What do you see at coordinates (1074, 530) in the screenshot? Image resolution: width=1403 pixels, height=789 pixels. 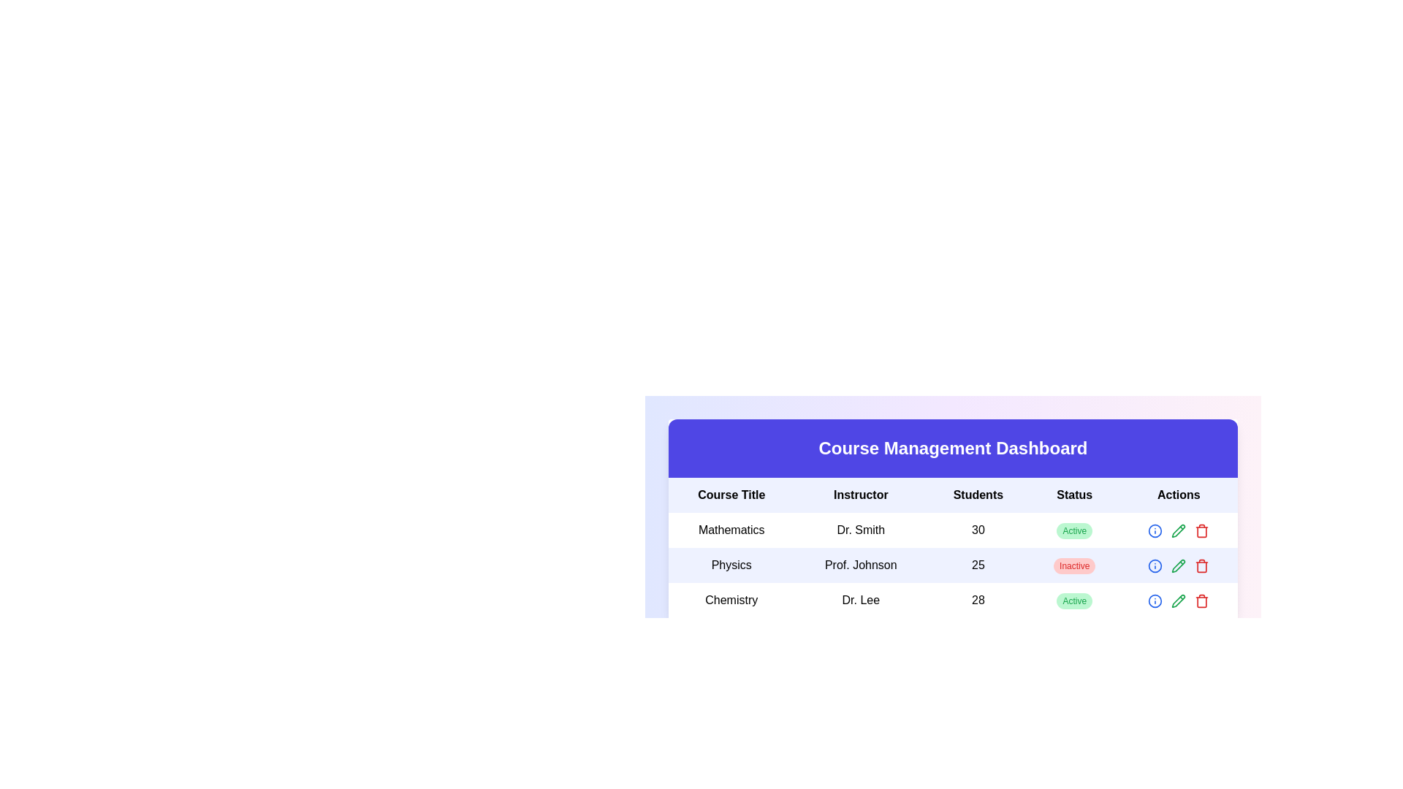 I see `the 'Active' status badge in the 'Status' column for the 'Mathematics' course, which is a pill-shaped badge with a green background` at bounding box center [1074, 530].